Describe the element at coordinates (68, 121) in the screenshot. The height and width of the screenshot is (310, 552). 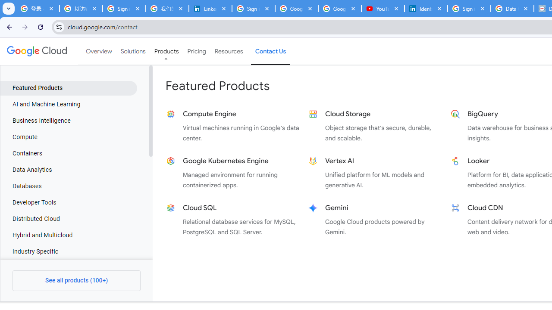
I see `'Business Intelligence'` at that location.